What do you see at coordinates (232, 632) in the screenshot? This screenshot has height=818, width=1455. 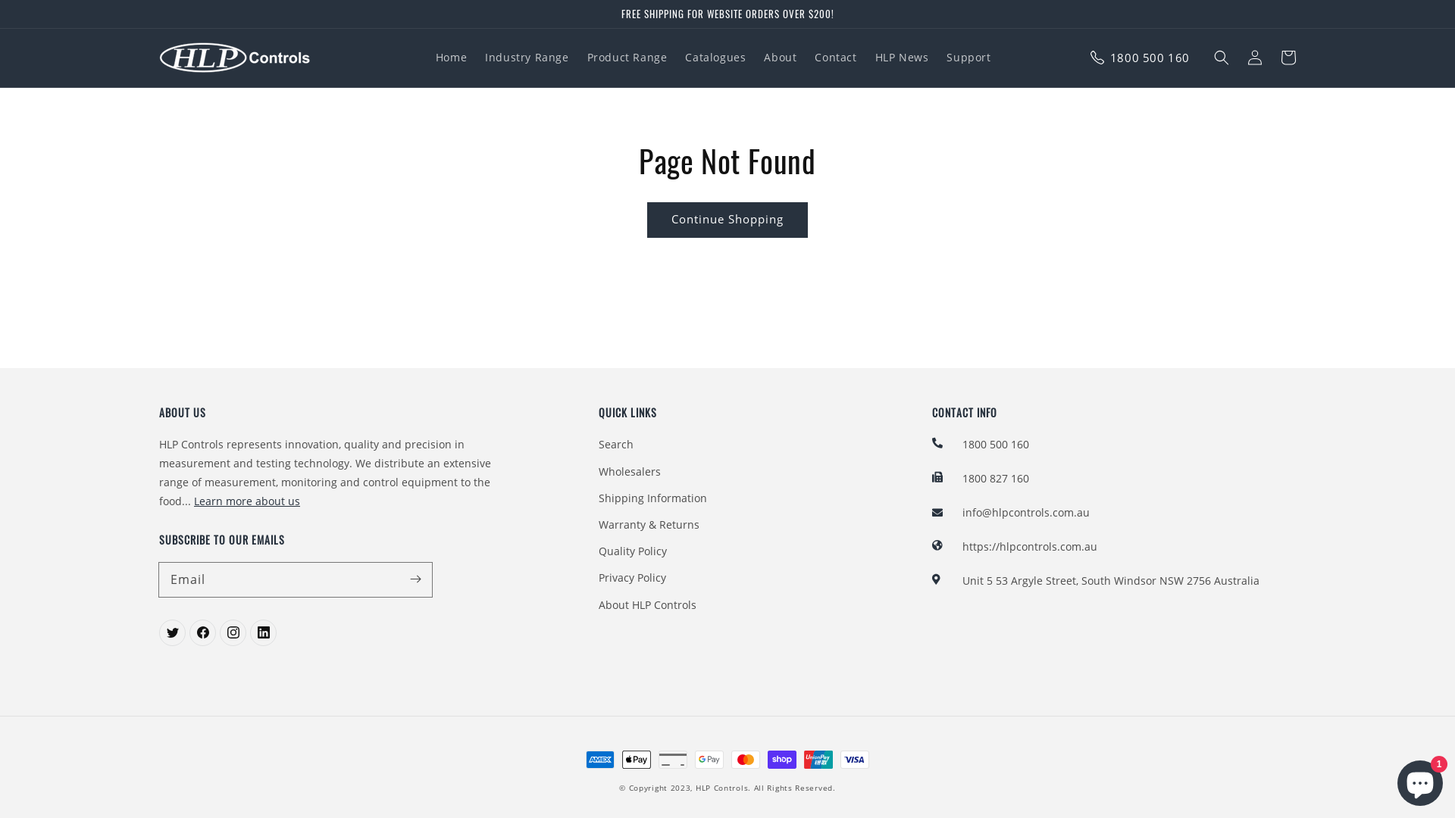 I see `'Twitter'` at bounding box center [232, 632].